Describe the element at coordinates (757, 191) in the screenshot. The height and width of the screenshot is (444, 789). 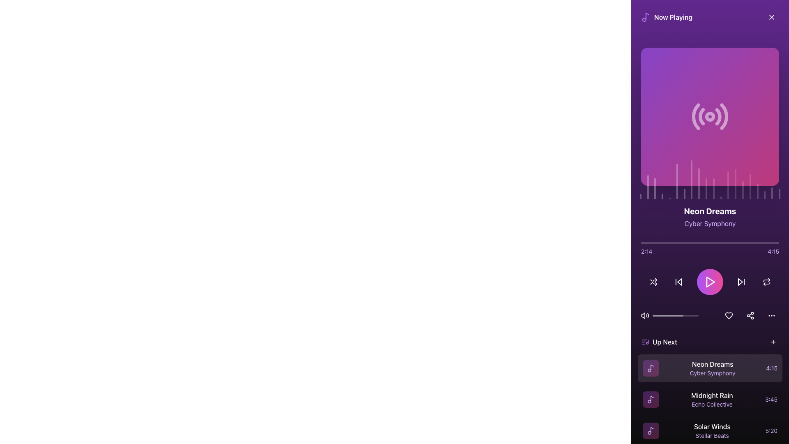
I see `the seventeenth vertical graphical bar, which represents data and is styled with slight transparency and a rounded top, located below the main visual area of the interface` at that location.